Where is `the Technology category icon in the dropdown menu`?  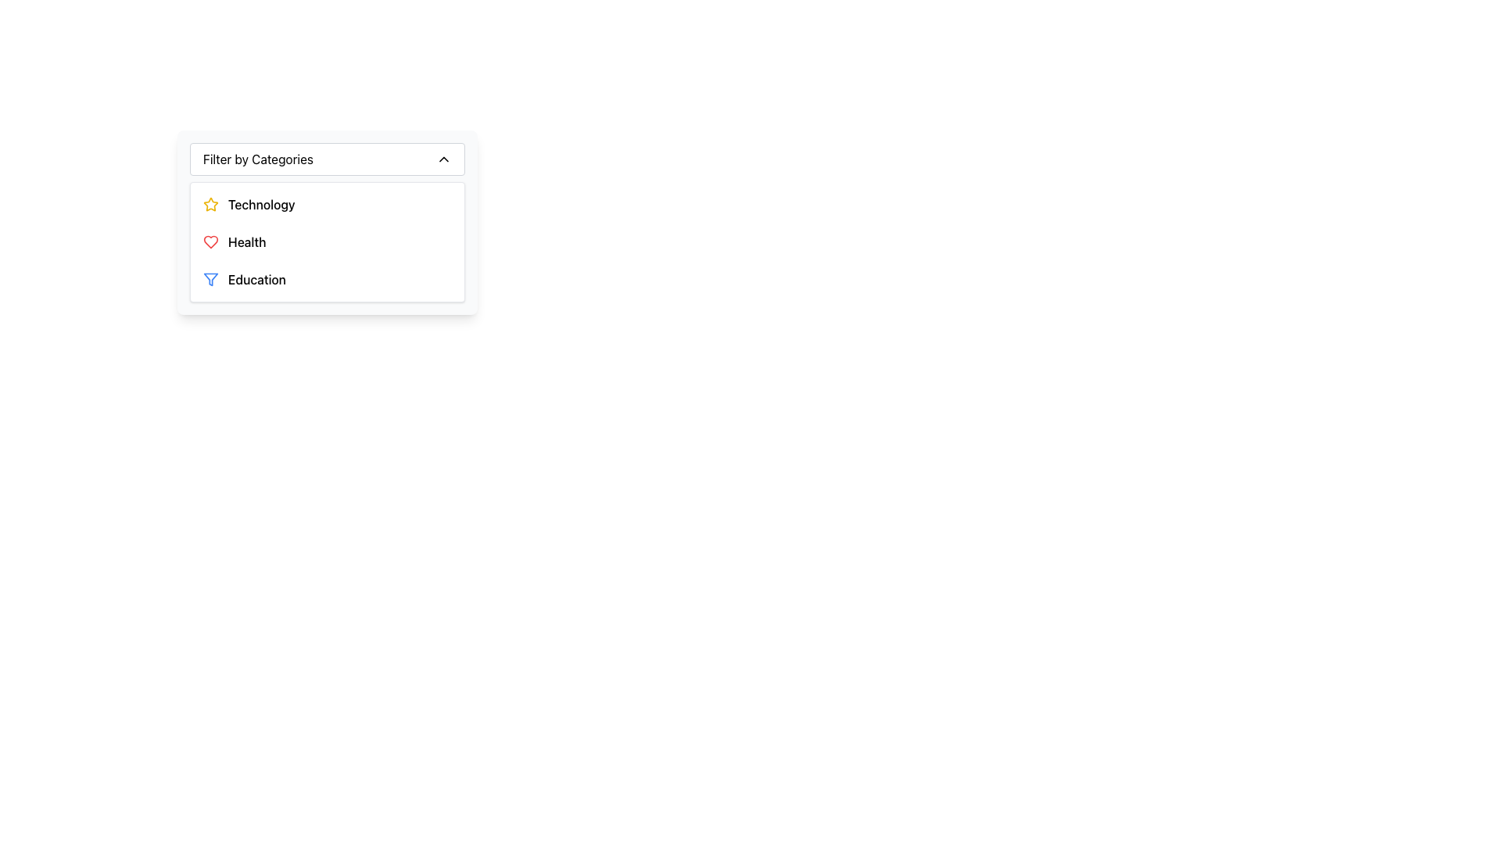 the Technology category icon in the dropdown menu is located at coordinates (210, 204).